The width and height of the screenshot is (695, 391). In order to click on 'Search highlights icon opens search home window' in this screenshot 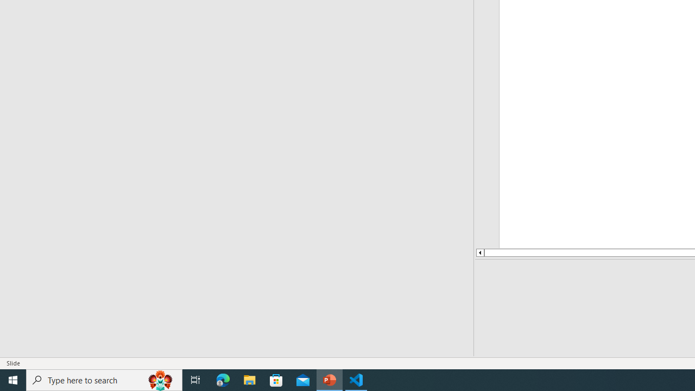, I will do `click(160, 379)`.